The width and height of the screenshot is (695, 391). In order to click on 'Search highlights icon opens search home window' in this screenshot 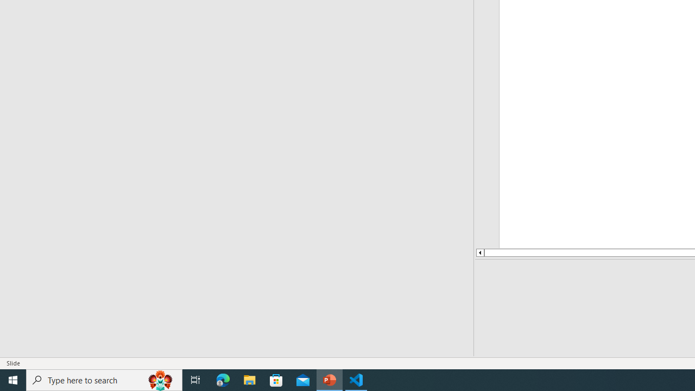, I will do `click(160, 379)`.